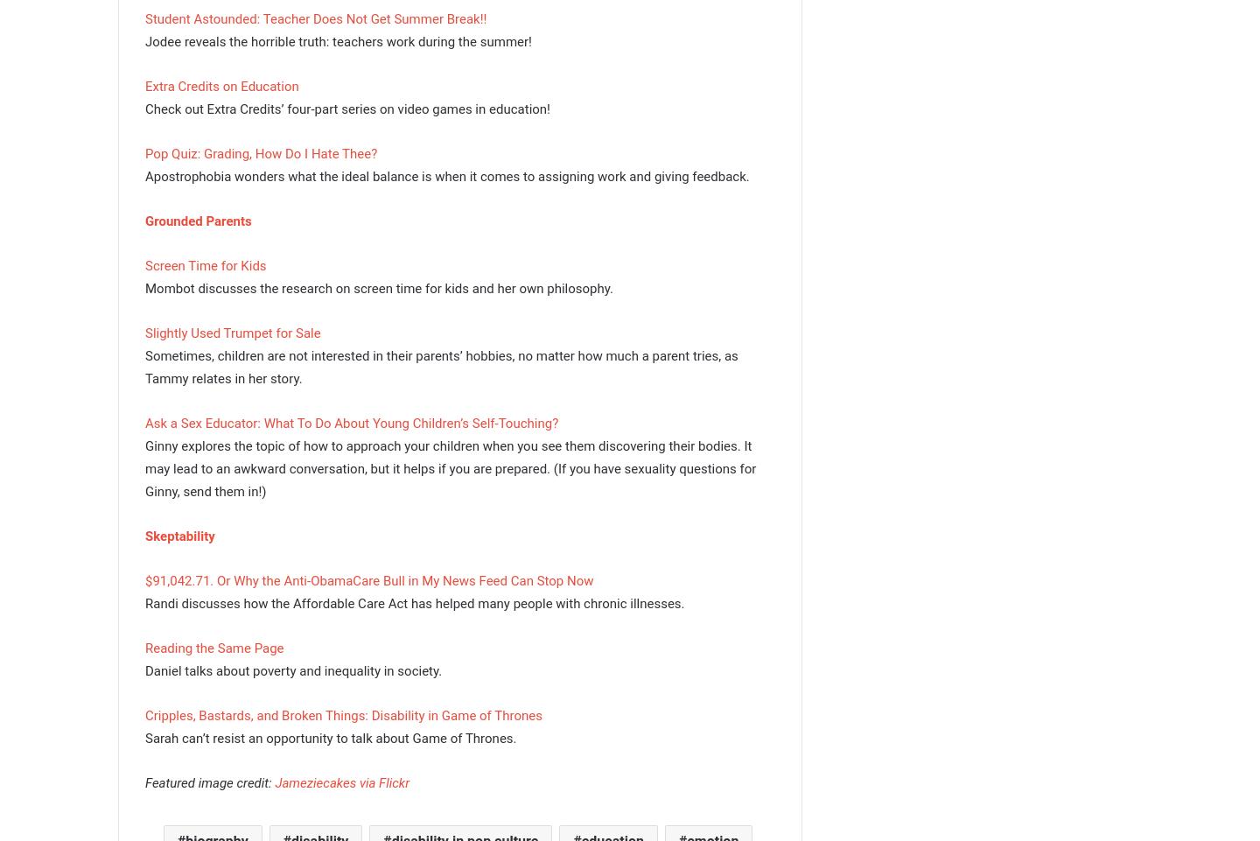 This screenshot has height=841, width=1260. Describe the element at coordinates (440, 366) in the screenshot. I see `'Sometimes, children are not interested in their parents’ hobbies, no matter how much a parent tries, as Tammy relates in her story.'` at that location.